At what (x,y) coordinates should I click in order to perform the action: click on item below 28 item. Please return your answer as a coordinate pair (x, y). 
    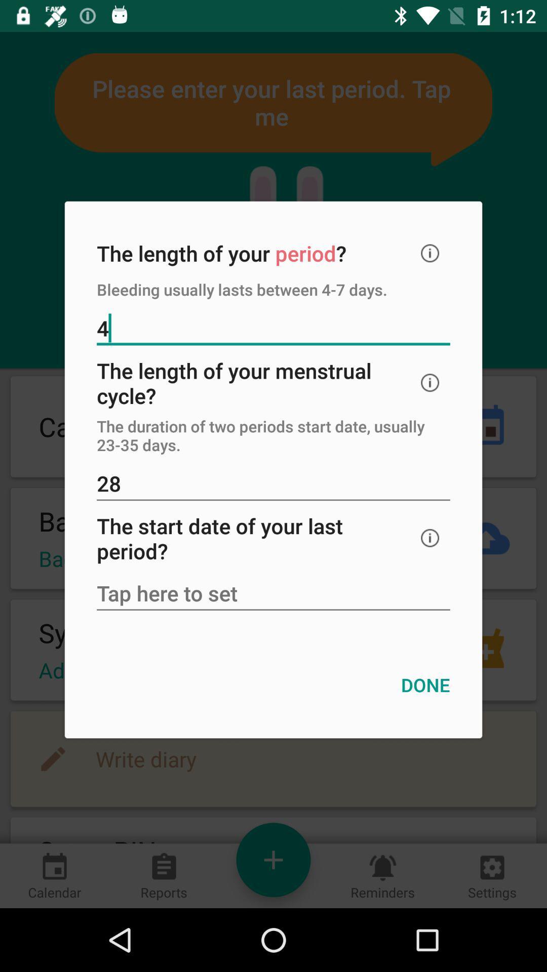
    Looking at the image, I should click on (430, 538).